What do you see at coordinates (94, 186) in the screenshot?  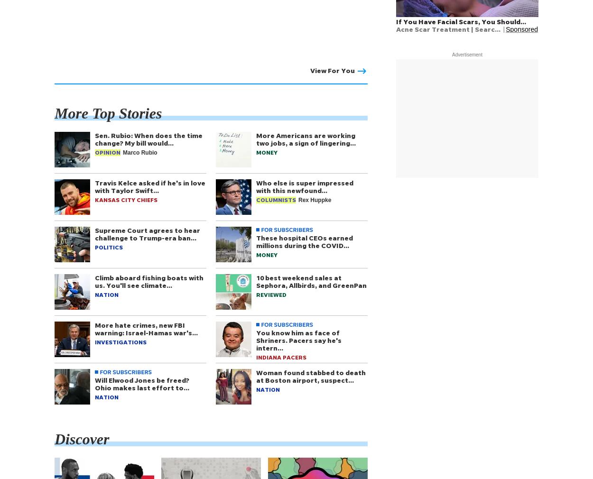 I see `'Travis Kelce asked if he's in love with Taylor Swift…'` at bounding box center [94, 186].